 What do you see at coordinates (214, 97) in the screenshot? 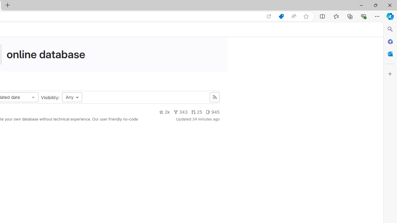
I see `'Class: s16 gl-icon gl-button-icon '` at bounding box center [214, 97].